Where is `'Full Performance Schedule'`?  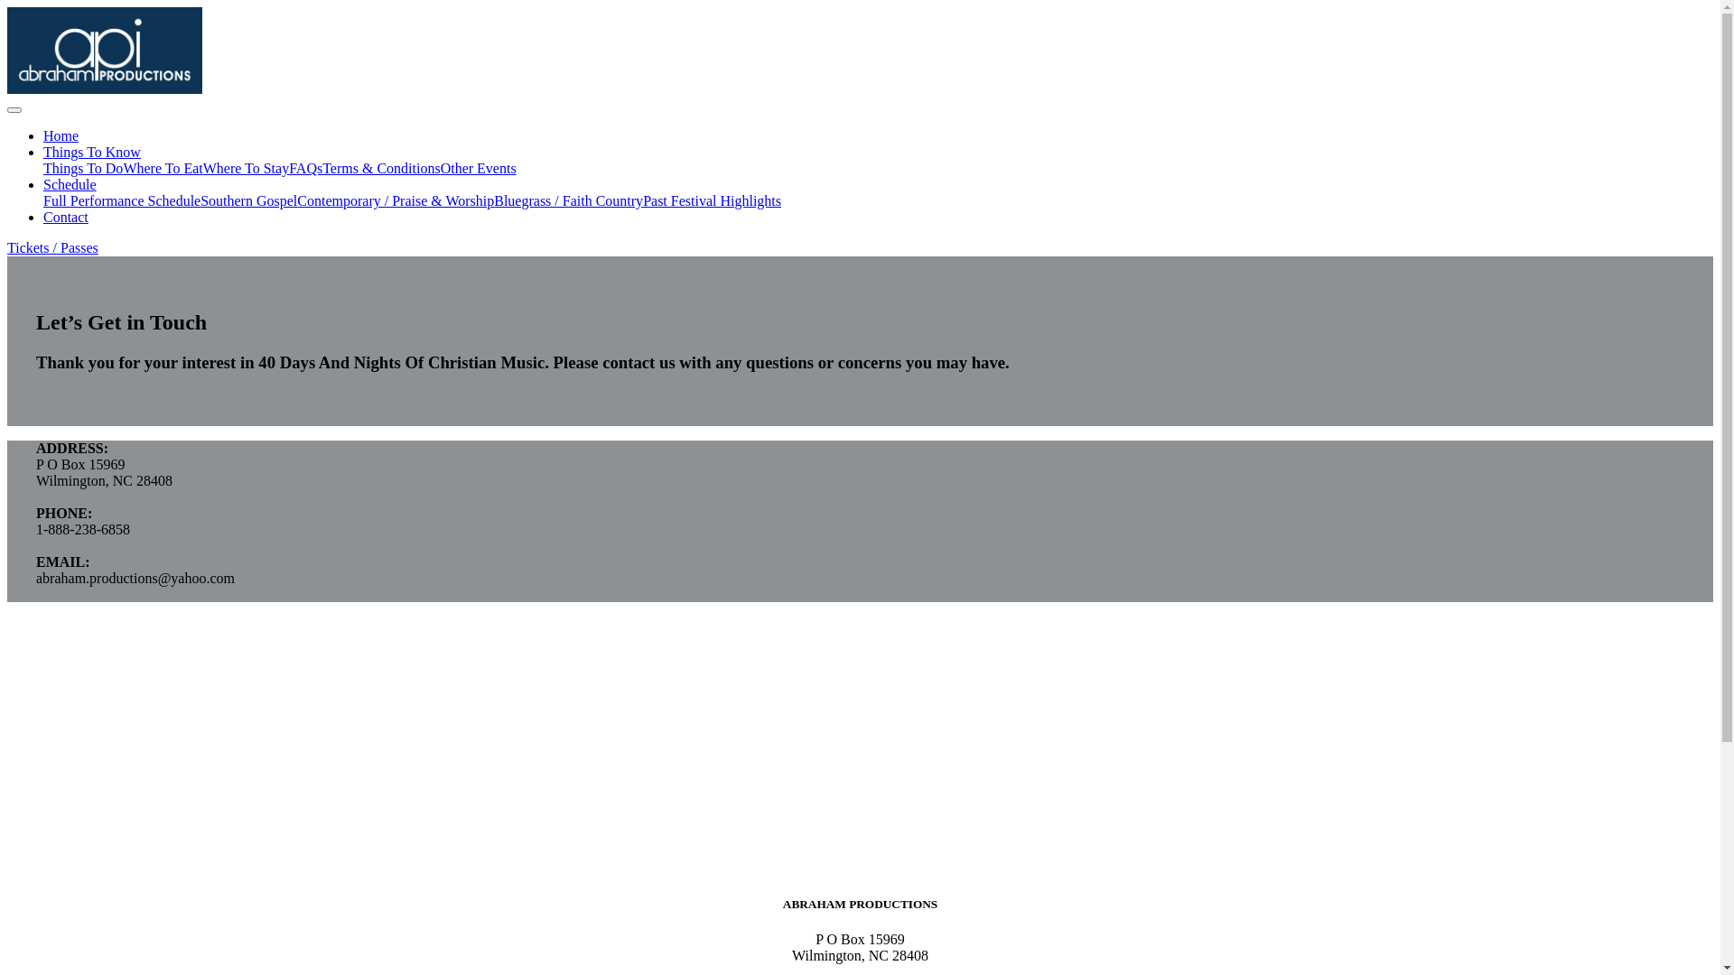
'Full Performance Schedule' is located at coordinates (120, 200).